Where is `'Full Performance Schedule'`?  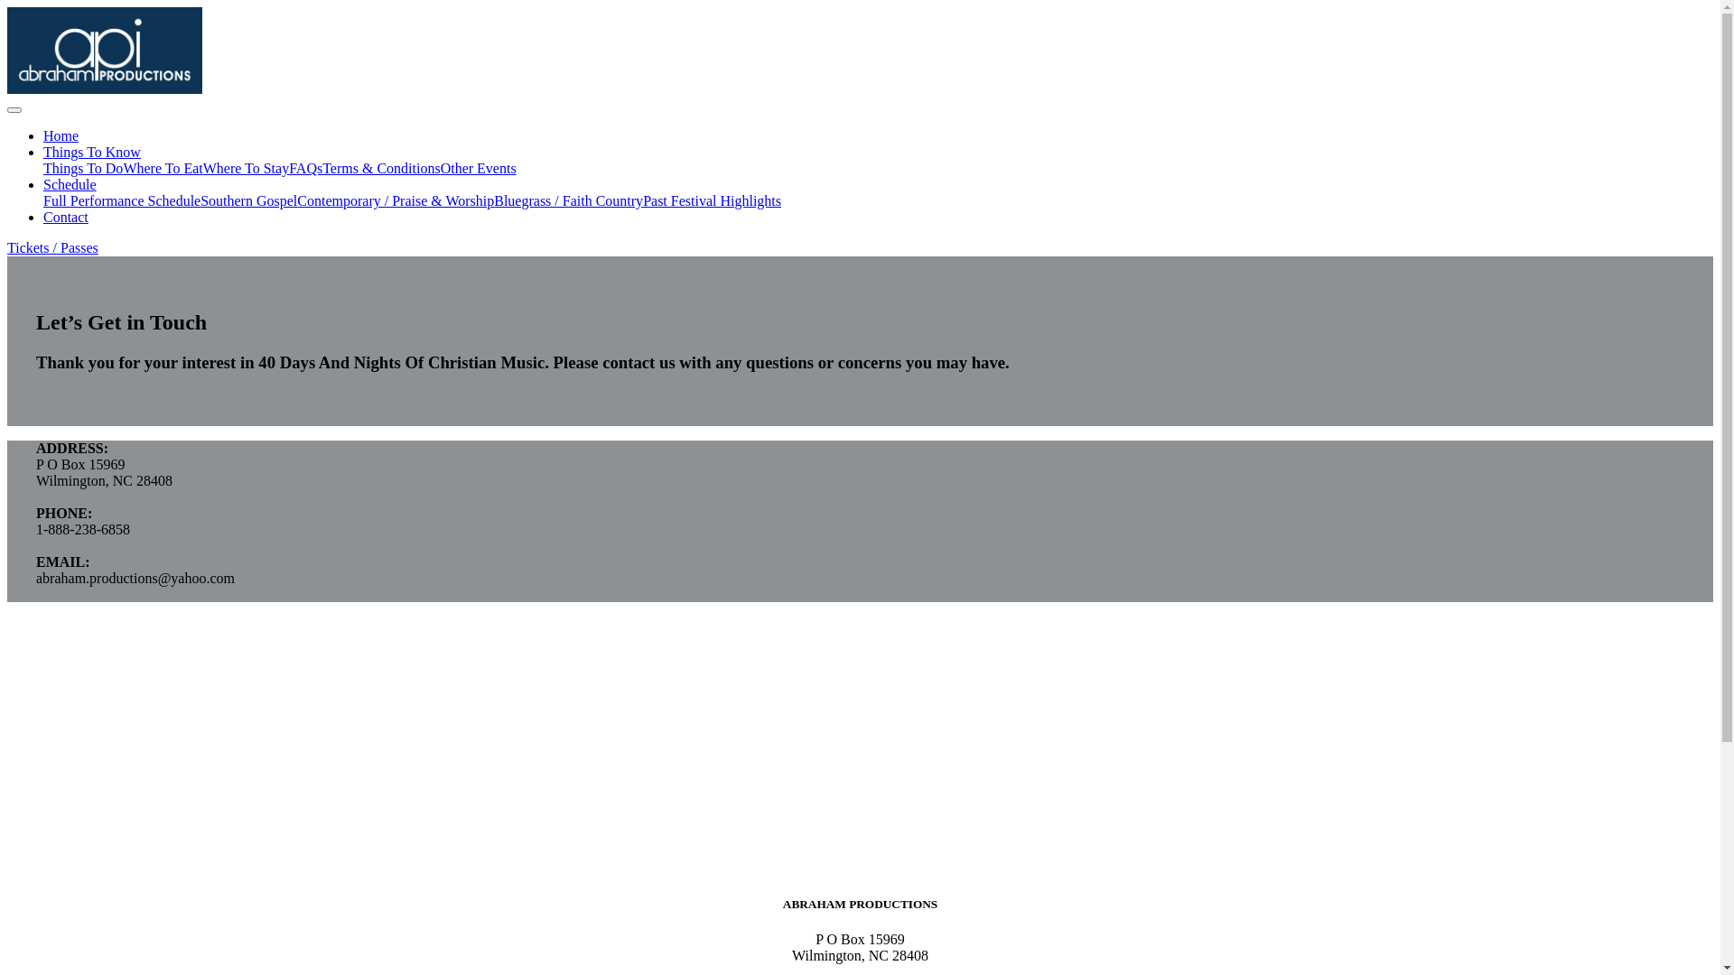
'Full Performance Schedule' is located at coordinates (120, 200).